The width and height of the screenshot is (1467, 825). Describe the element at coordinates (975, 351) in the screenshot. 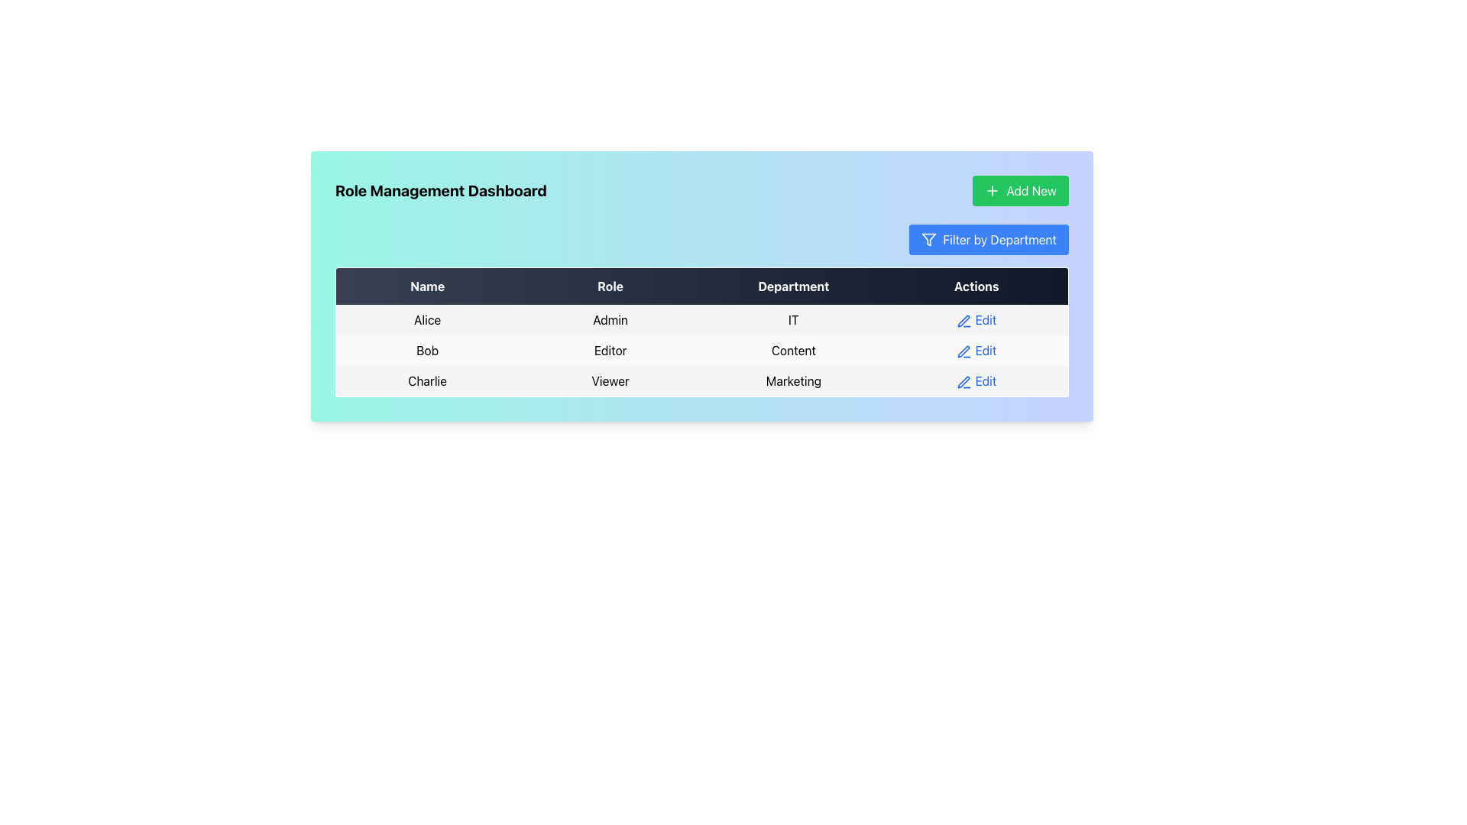

I see `the button-like link with an icon in the second row of the table under the 'Actions' column` at that location.